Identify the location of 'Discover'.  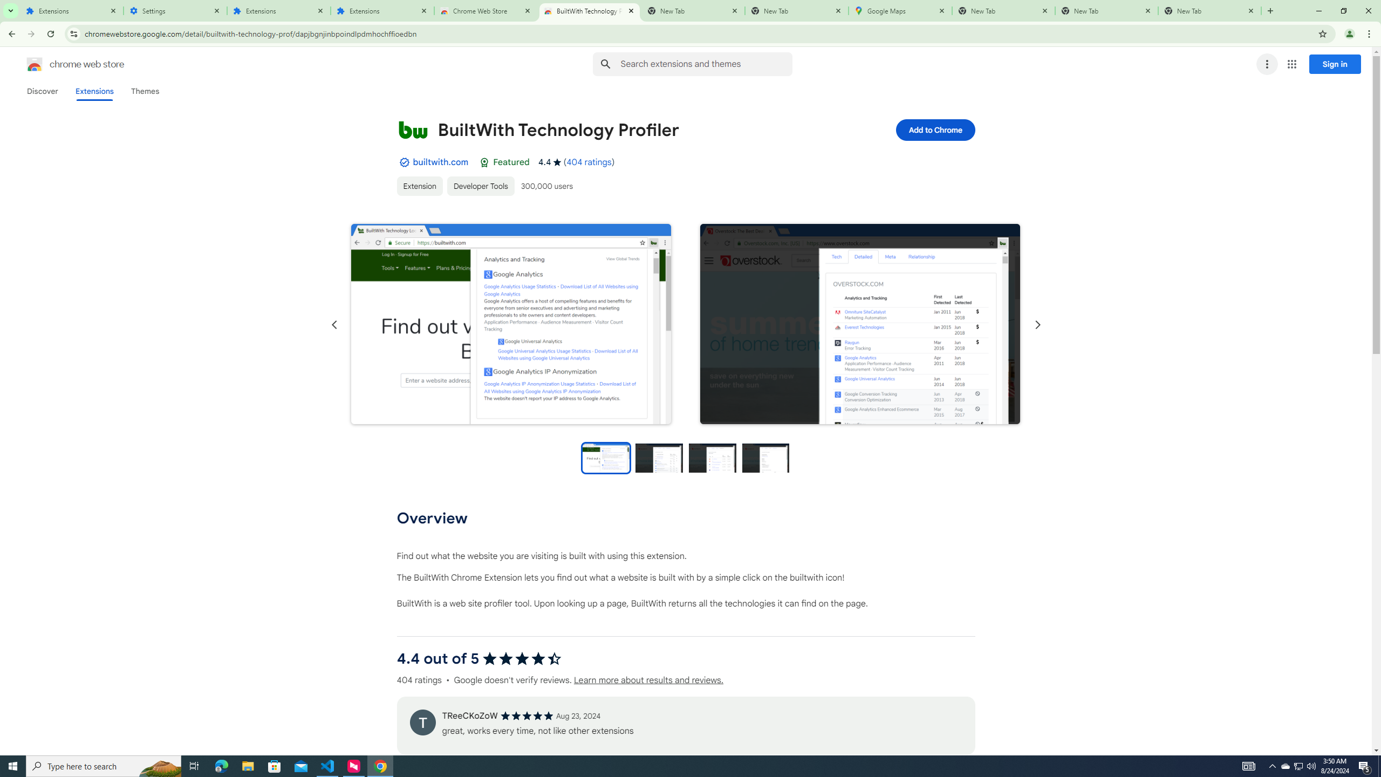
(42, 91).